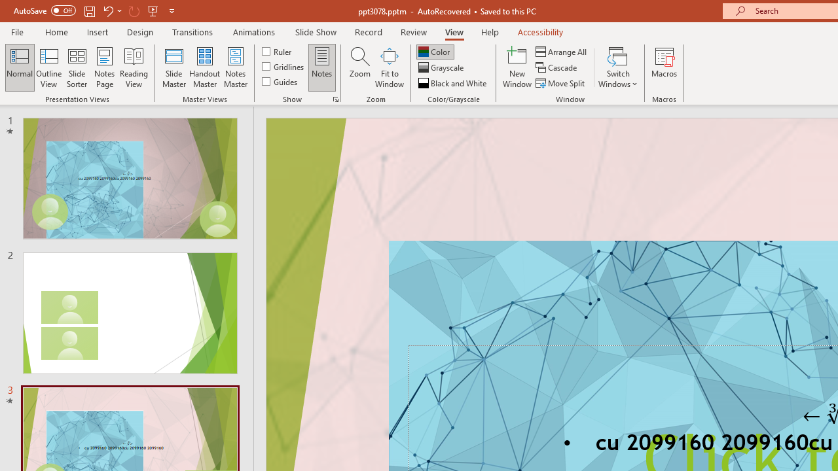  What do you see at coordinates (173, 67) in the screenshot?
I see `'Slide Master'` at bounding box center [173, 67].